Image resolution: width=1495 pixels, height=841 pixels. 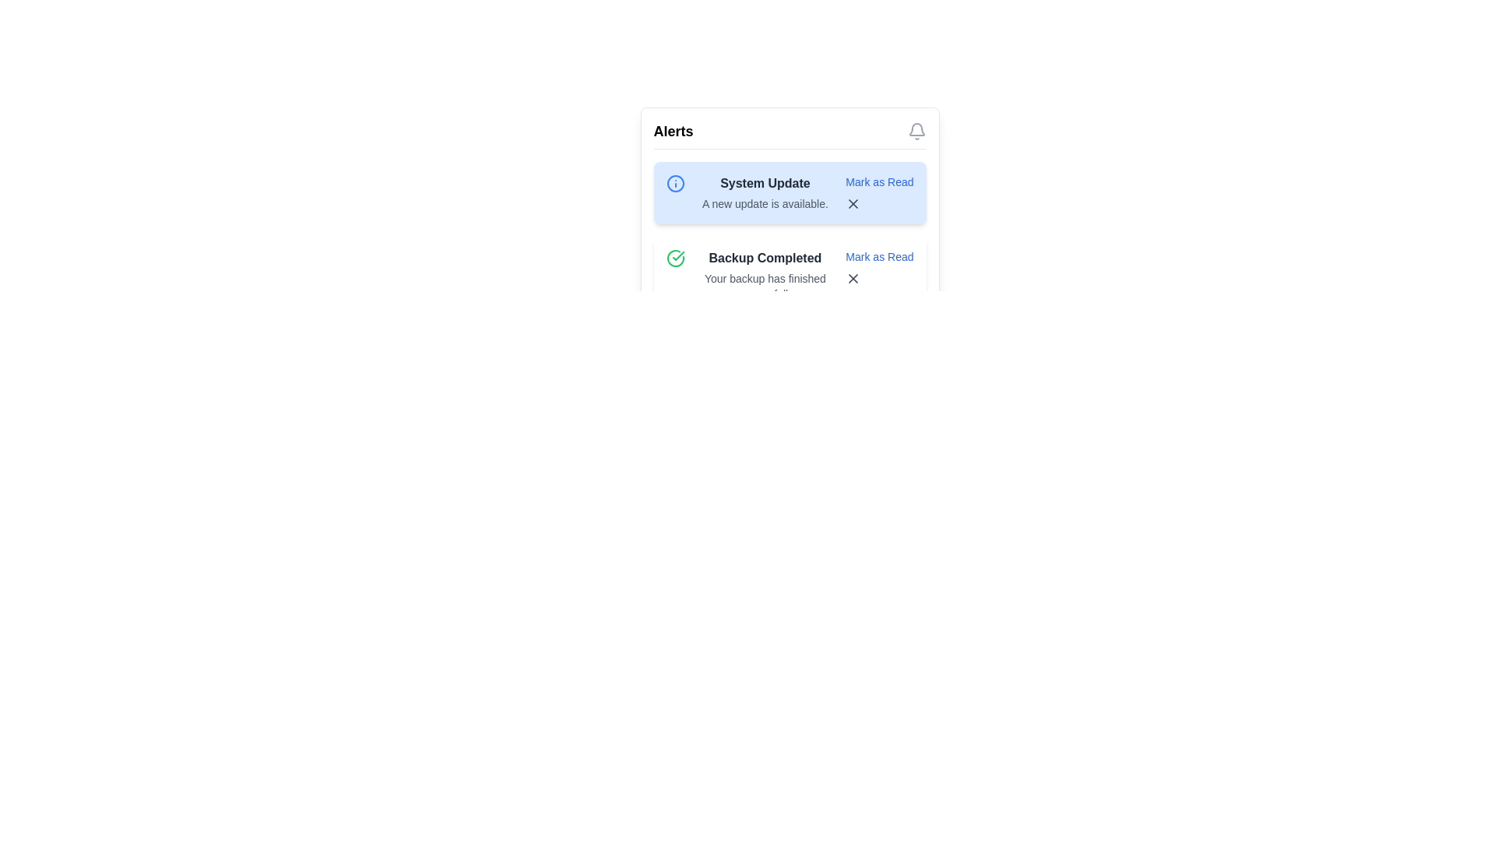 What do you see at coordinates (790, 275) in the screenshot?
I see `the Notification card to mark it as read, which appears as the second item in the vertical stack of notifications under 'Alerts'` at bounding box center [790, 275].